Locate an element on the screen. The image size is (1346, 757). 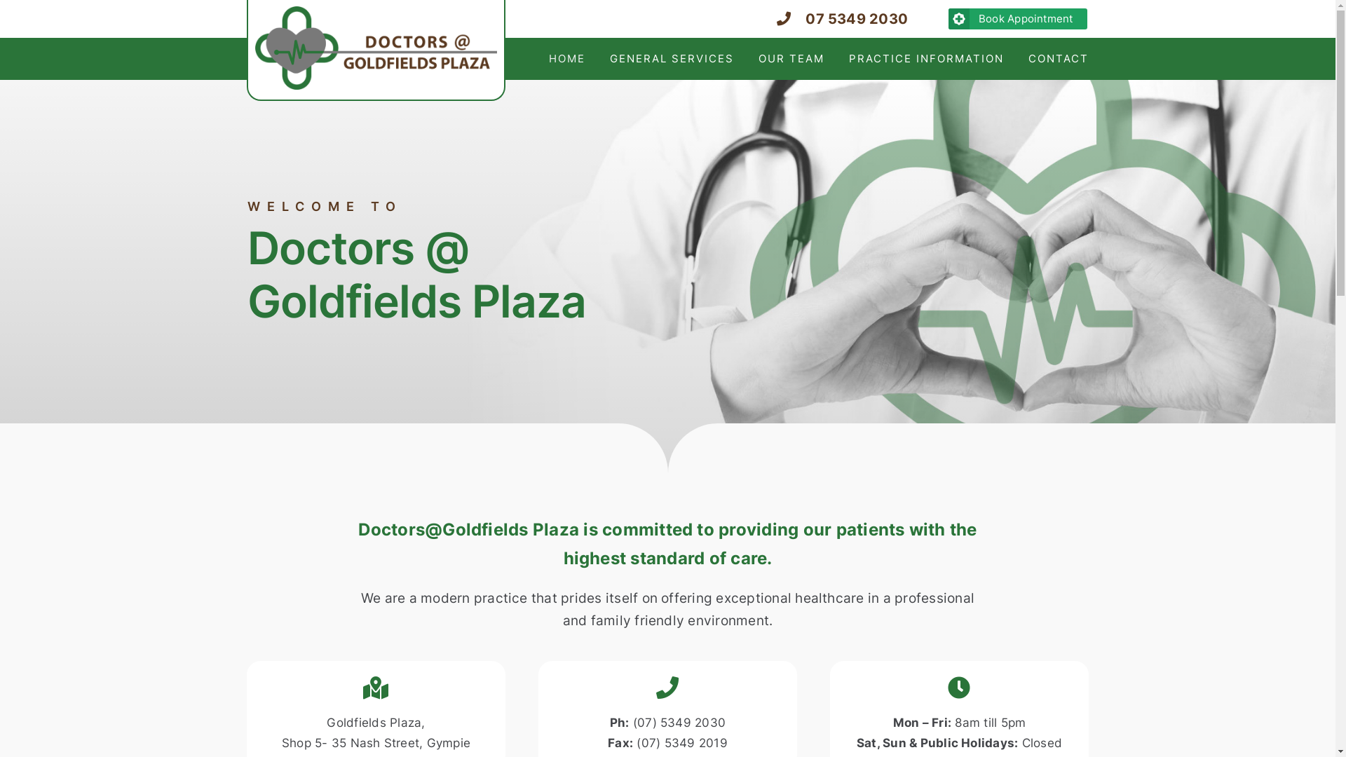
'GENERAL SERVICES' is located at coordinates (671, 58).